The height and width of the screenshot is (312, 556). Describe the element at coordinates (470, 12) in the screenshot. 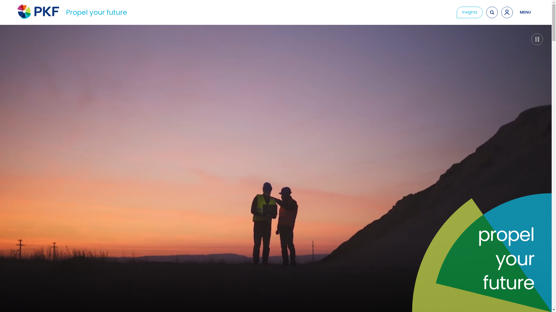

I see `'Insights'` at that location.